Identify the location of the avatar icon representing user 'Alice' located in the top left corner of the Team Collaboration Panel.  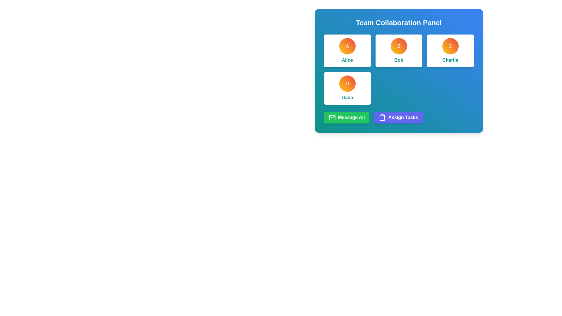
(347, 46).